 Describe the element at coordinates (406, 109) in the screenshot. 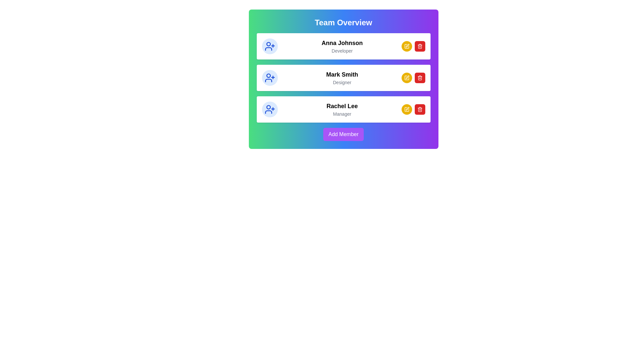

I see `the edit button for the entry 'Rachel Lee - Manager', which is the first button in the right section of the third row, positioned to the left of a red trash icon button` at that location.